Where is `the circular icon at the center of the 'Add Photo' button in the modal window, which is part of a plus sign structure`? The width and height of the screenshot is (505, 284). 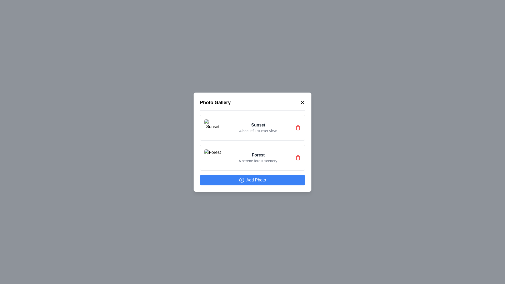 the circular icon at the center of the 'Add Photo' button in the modal window, which is part of a plus sign structure is located at coordinates (241, 180).